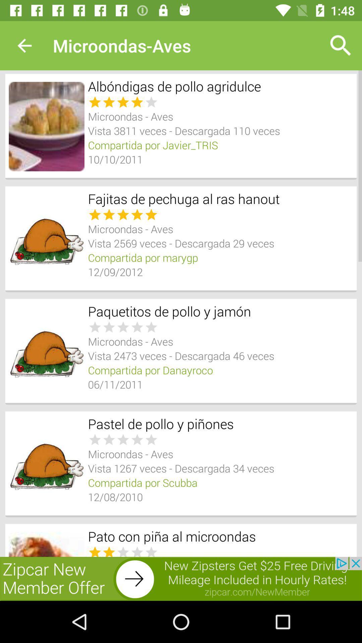 The image size is (362, 643). Describe the element at coordinates (341, 46) in the screenshot. I see `the icon beside microondasaves` at that location.